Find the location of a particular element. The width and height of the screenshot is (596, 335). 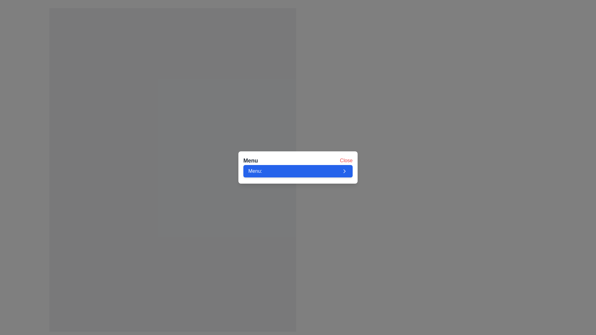

the rightward chevron icon is located at coordinates (344, 171).